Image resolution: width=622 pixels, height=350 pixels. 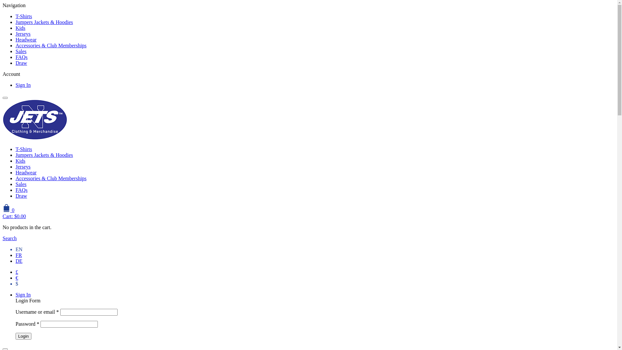 What do you see at coordinates (24, 16) in the screenshot?
I see `'T-Shirts'` at bounding box center [24, 16].